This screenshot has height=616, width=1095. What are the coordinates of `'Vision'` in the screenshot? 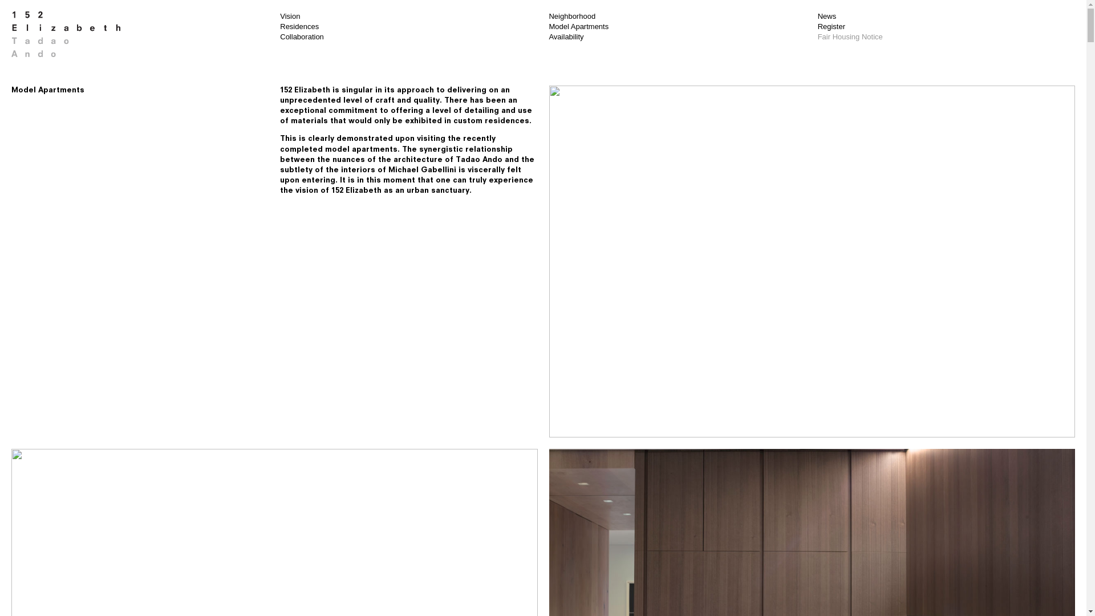 It's located at (290, 16).